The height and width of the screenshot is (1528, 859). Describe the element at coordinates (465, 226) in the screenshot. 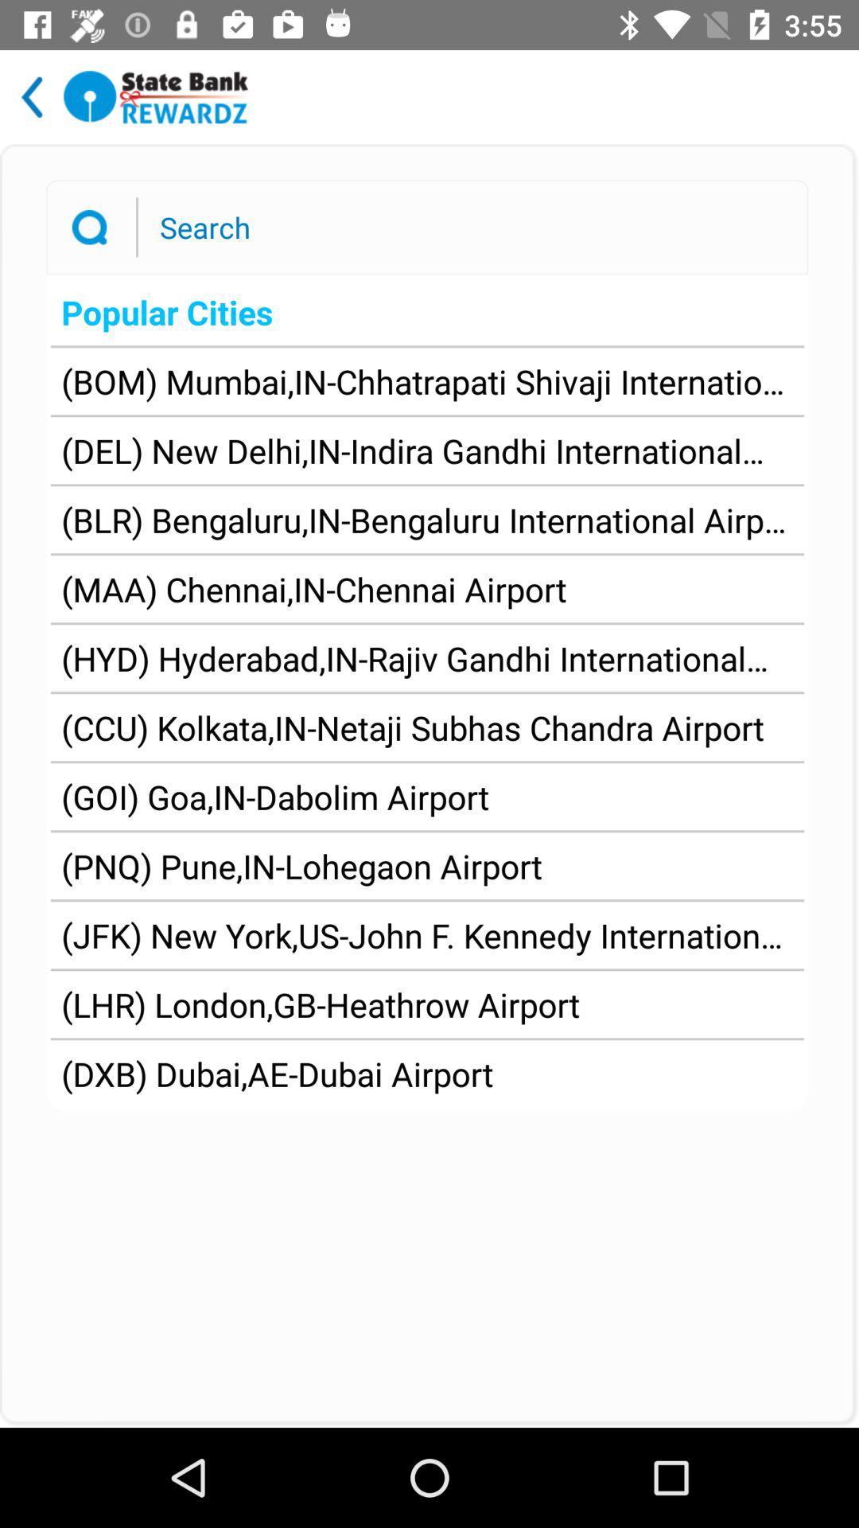

I see `type in search terms` at that location.